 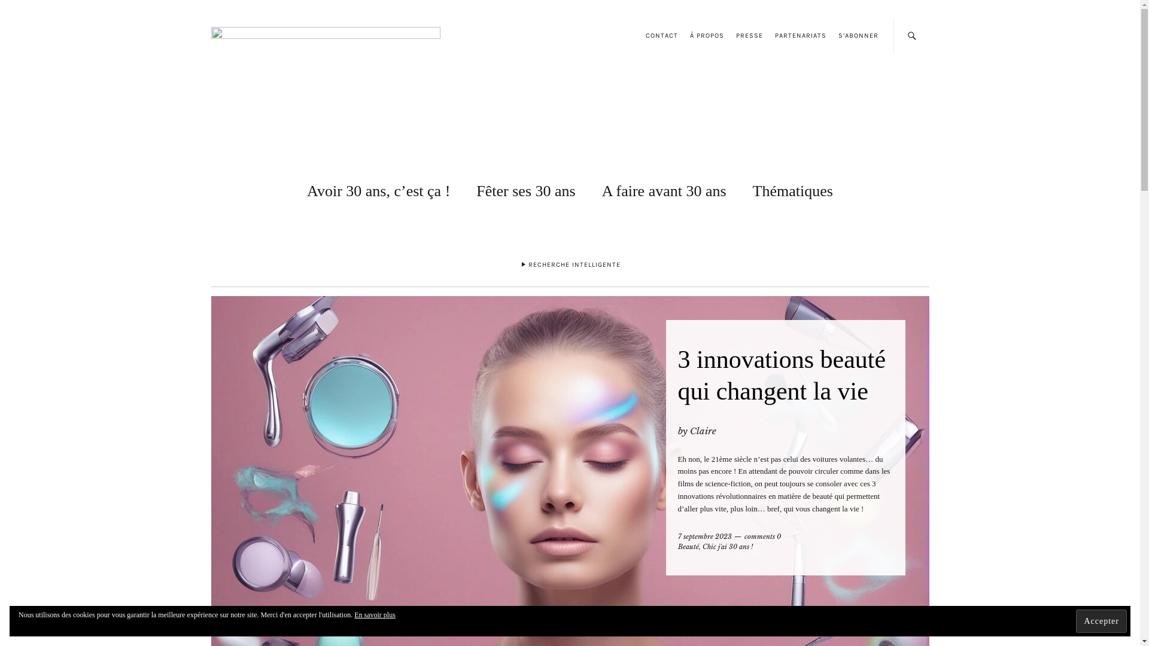 What do you see at coordinates (1076, 620) in the screenshot?
I see `'Accepter'` at bounding box center [1076, 620].